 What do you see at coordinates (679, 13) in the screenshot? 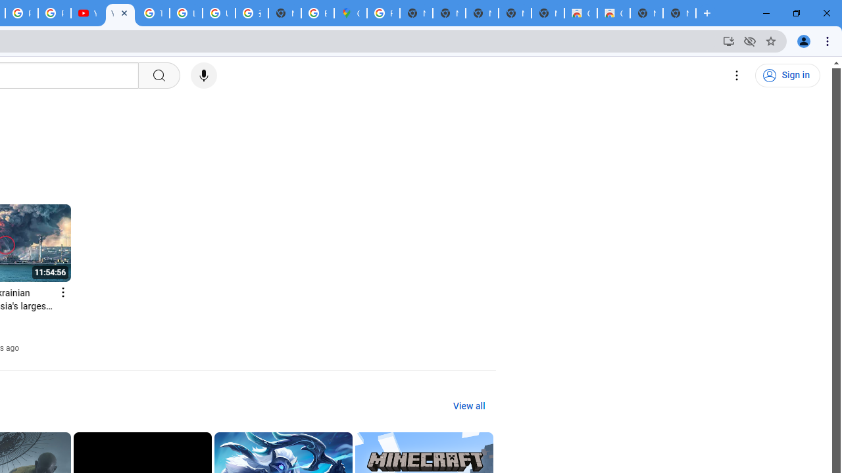
I see `'New Tab'` at bounding box center [679, 13].